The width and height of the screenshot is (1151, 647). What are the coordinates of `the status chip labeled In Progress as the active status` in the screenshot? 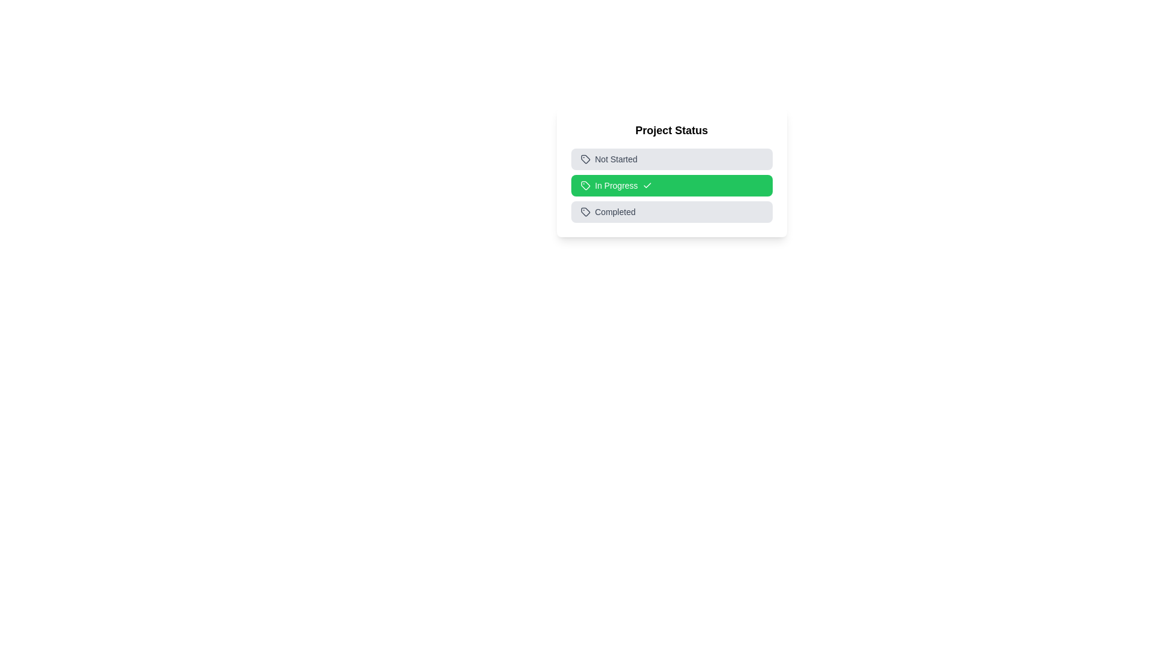 It's located at (671, 185).